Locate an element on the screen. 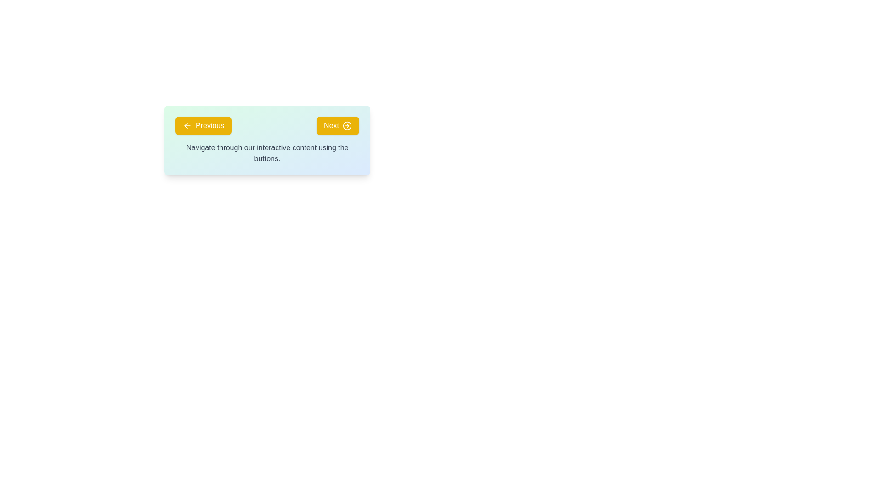 The image size is (882, 496). the 'Next' button to change its background shade, which is used for navigation to the subsequent item or page is located at coordinates (337, 125).